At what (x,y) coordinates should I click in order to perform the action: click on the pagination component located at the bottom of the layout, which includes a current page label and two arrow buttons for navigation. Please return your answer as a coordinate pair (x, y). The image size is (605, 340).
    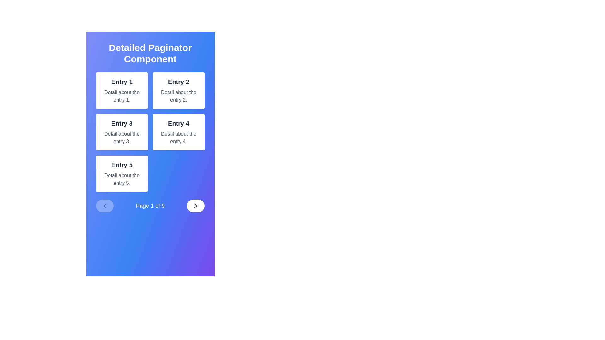
    Looking at the image, I should click on (150, 206).